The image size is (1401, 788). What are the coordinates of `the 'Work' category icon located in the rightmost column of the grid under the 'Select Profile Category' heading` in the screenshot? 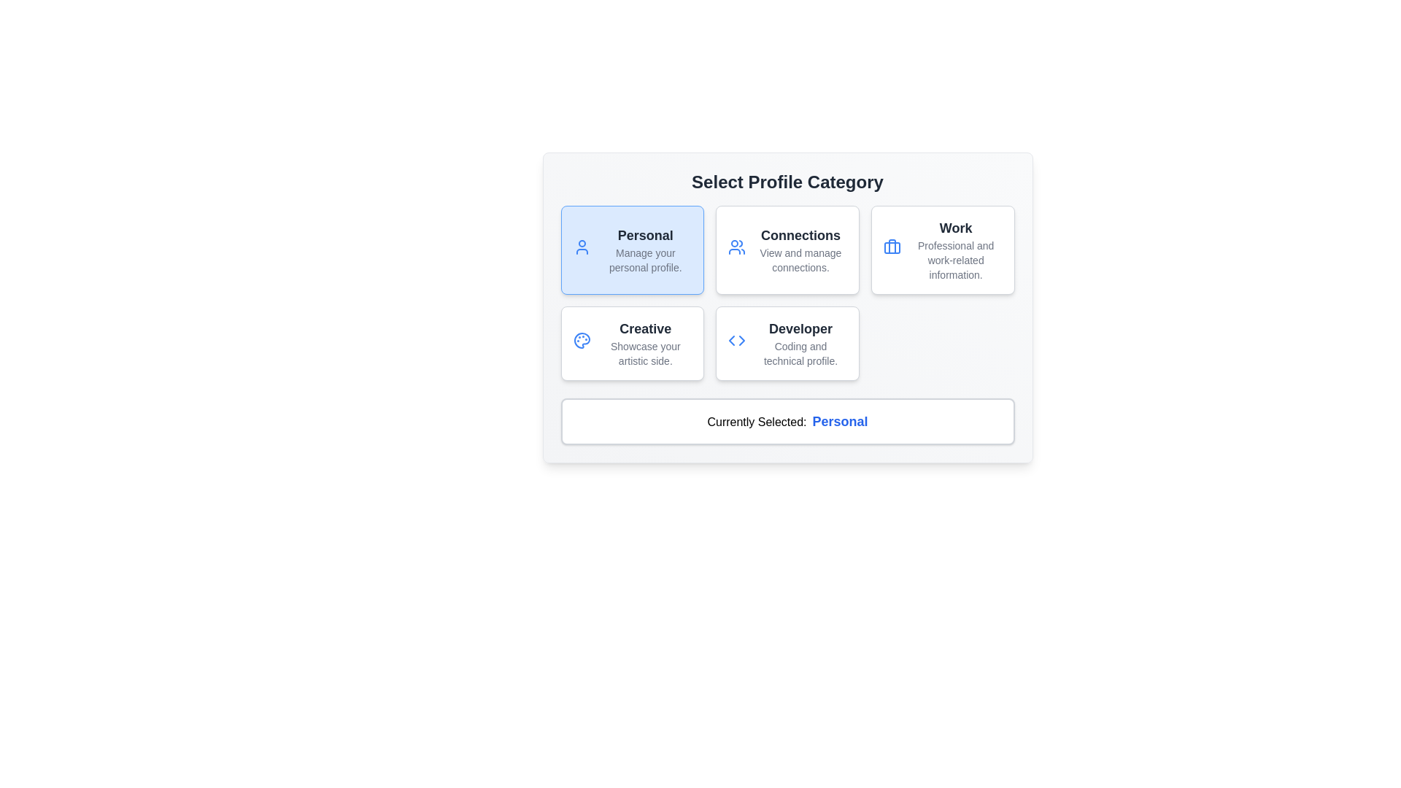 It's located at (891, 250).